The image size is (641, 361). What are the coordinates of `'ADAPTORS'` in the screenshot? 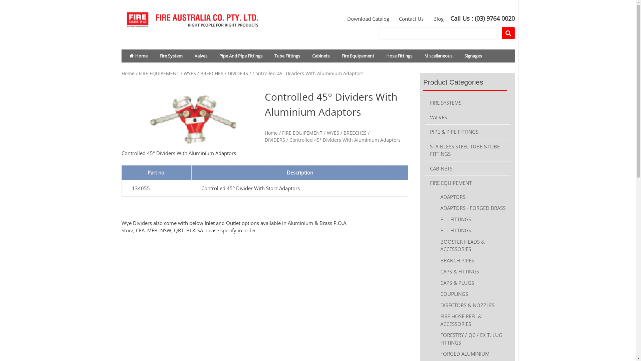 It's located at (440, 198).